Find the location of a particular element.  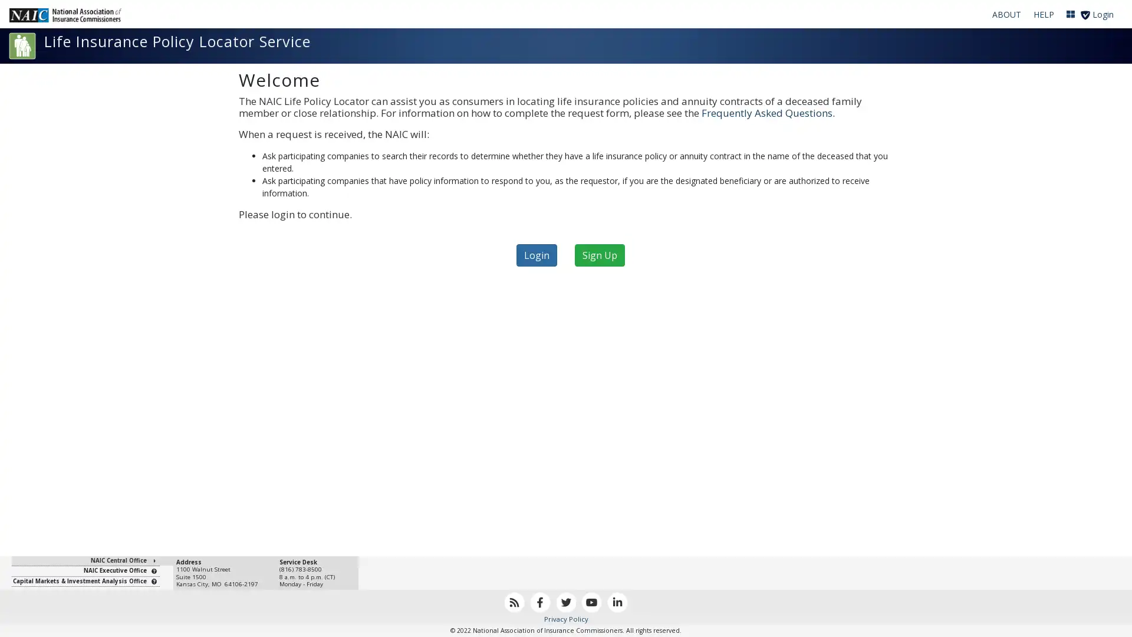

Login is located at coordinates (536, 254).